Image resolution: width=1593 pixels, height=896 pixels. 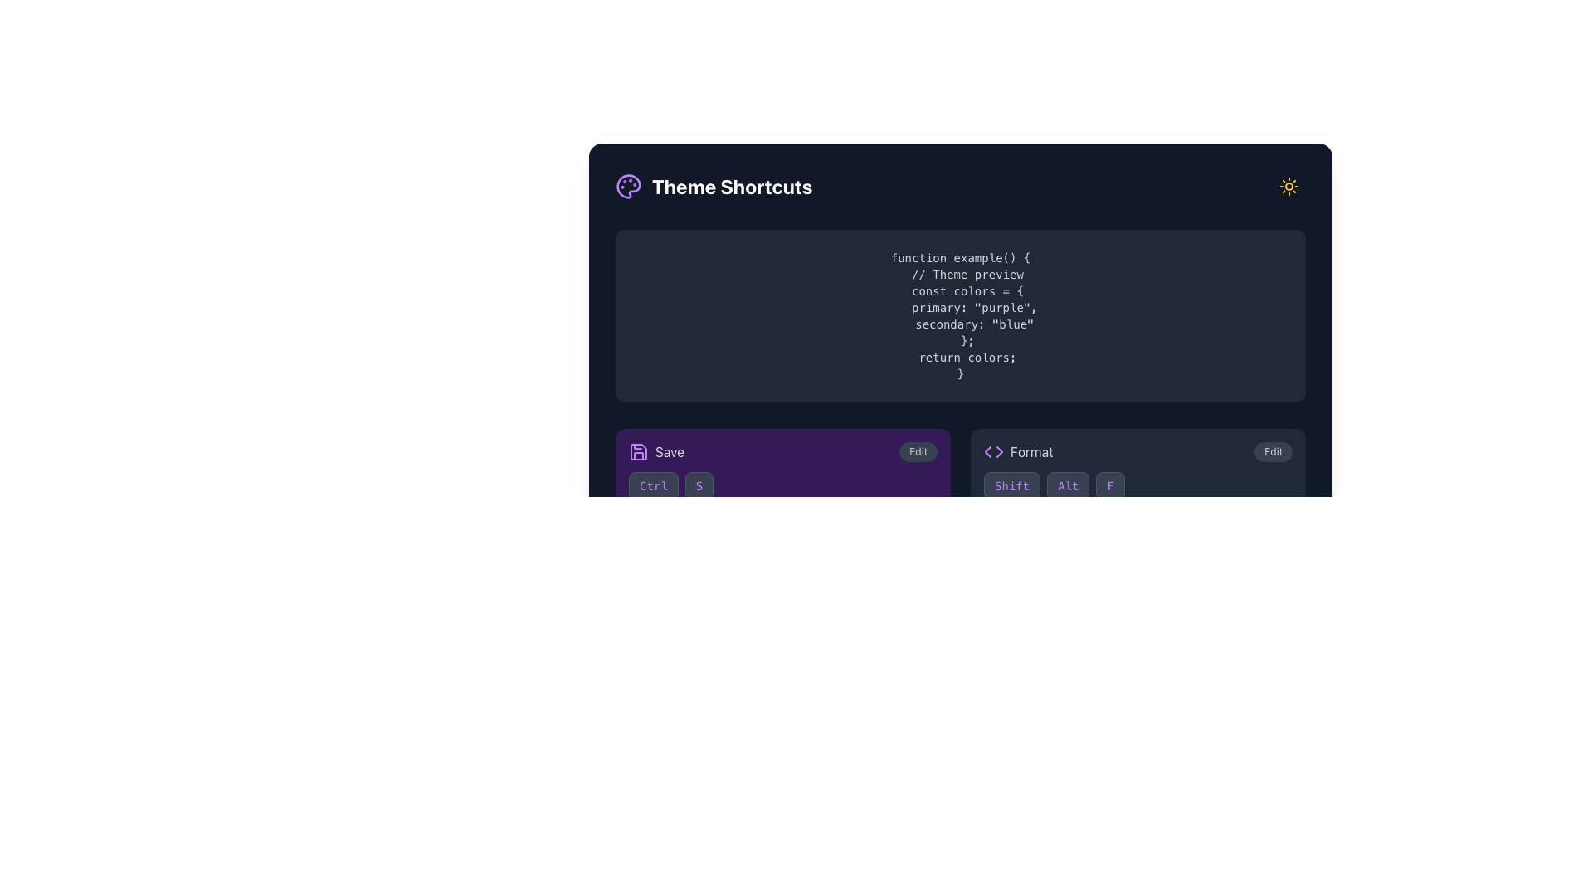 I want to click on label of the button with the text 'Ctrl', which is a small rectangular button with a dark gray background and light purple border, located near the bottom-left section of the interface, so click(x=652, y=485).